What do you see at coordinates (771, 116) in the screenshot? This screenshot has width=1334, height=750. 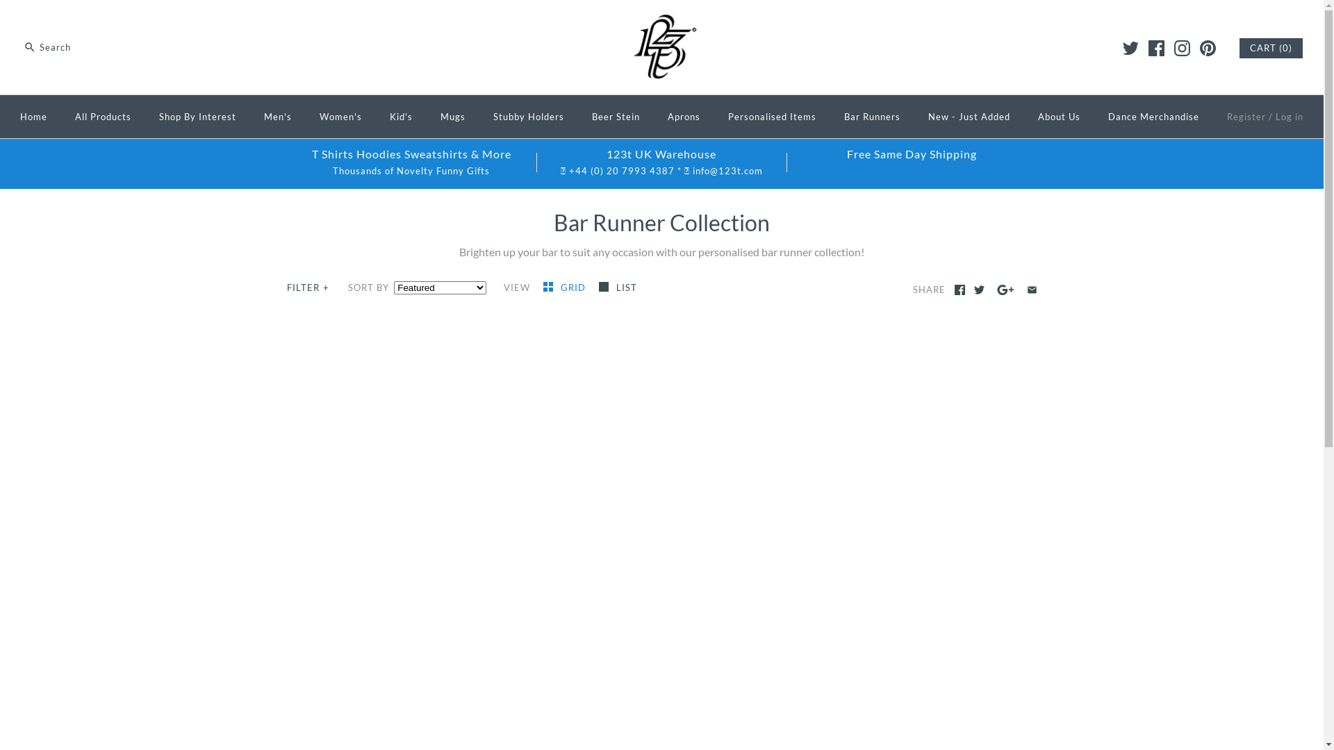 I see `'Personalised Items'` at bounding box center [771, 116].